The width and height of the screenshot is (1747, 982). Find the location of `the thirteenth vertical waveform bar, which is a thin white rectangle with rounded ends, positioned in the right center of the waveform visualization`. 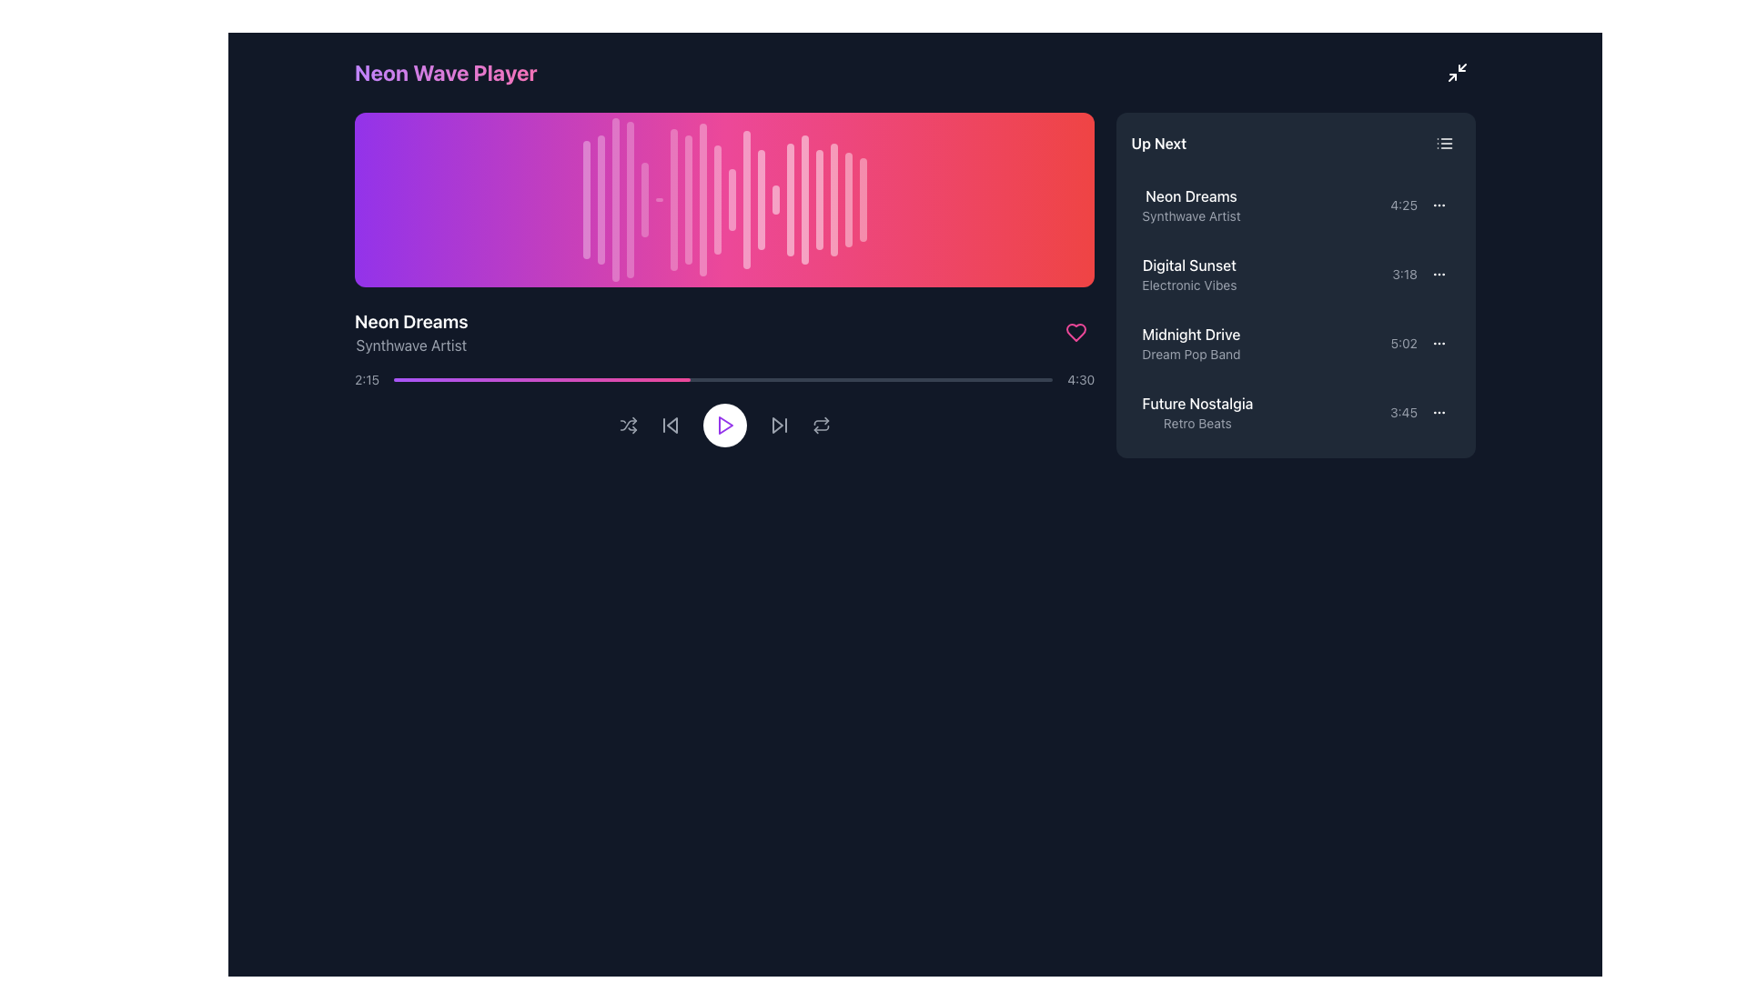

the thirteenth vertical waveform bar, which is a thin white rectangle with rounded ends, positioned in the right center of the waveform visualization is located at coordinates (761, 199).